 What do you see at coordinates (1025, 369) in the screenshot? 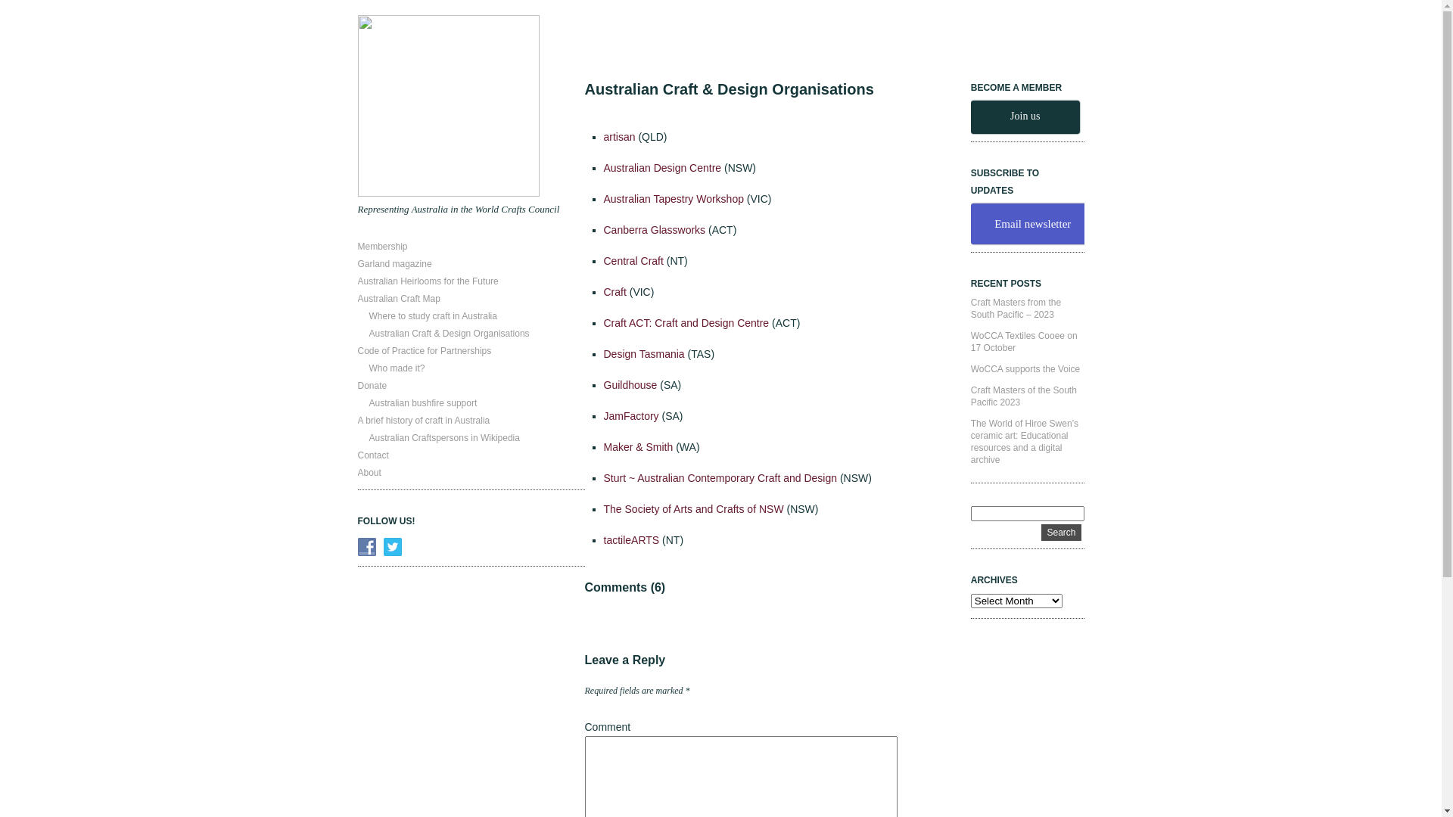
I see `'WoCCA supports the Voice'` at bounding box center [1025, 369].